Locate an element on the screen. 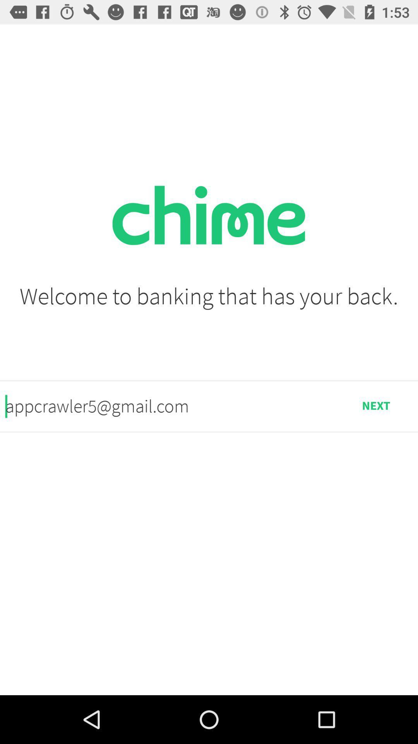 Image resolution: width=418 pixels, height=744 pixels. the appcrawler5@gmail.com icon is located at coordinates (169, 406).